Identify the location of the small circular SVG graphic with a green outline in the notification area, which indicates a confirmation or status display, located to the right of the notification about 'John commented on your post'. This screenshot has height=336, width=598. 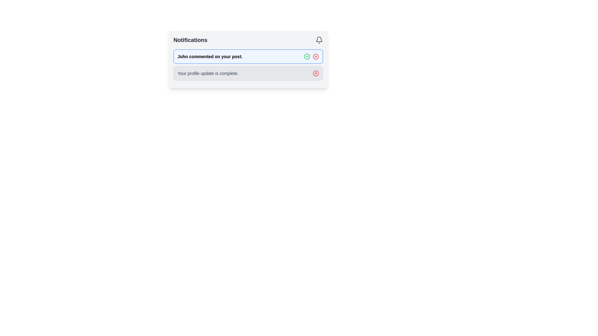
(307, 56).